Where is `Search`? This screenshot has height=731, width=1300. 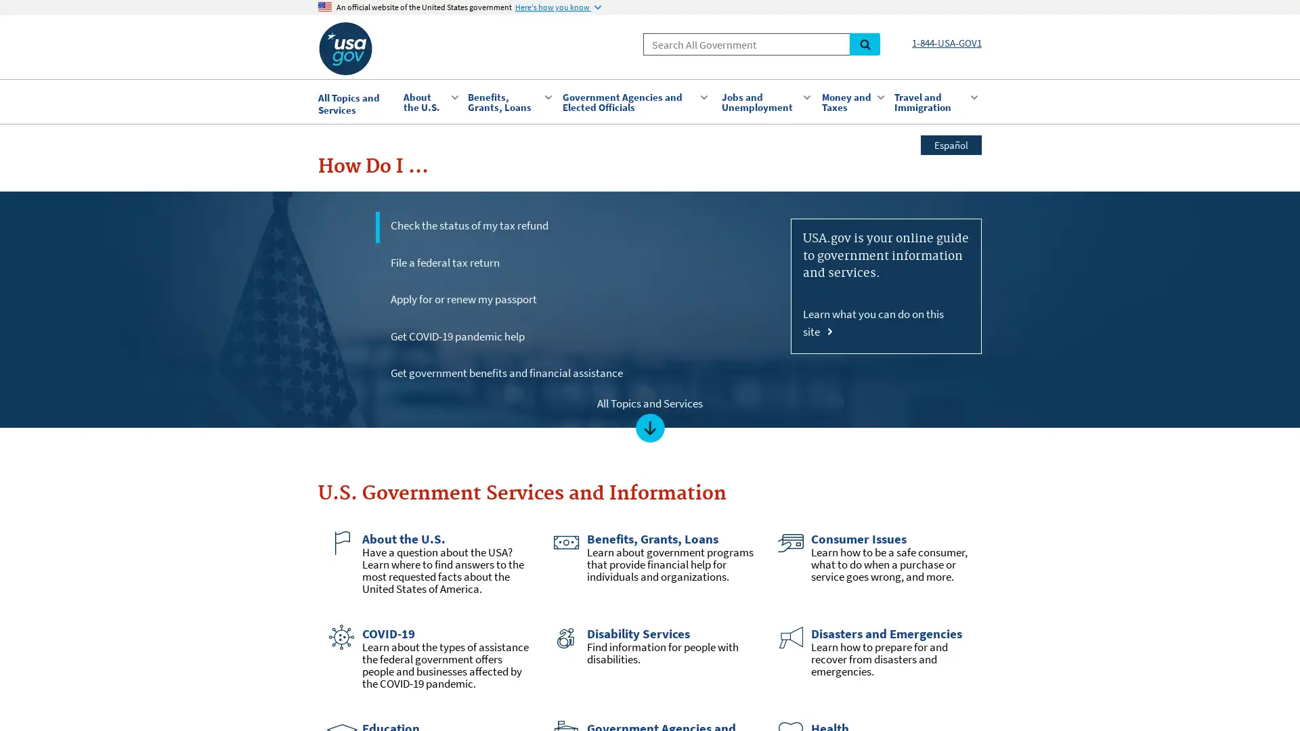 Search is located at coordinates (864, 43).